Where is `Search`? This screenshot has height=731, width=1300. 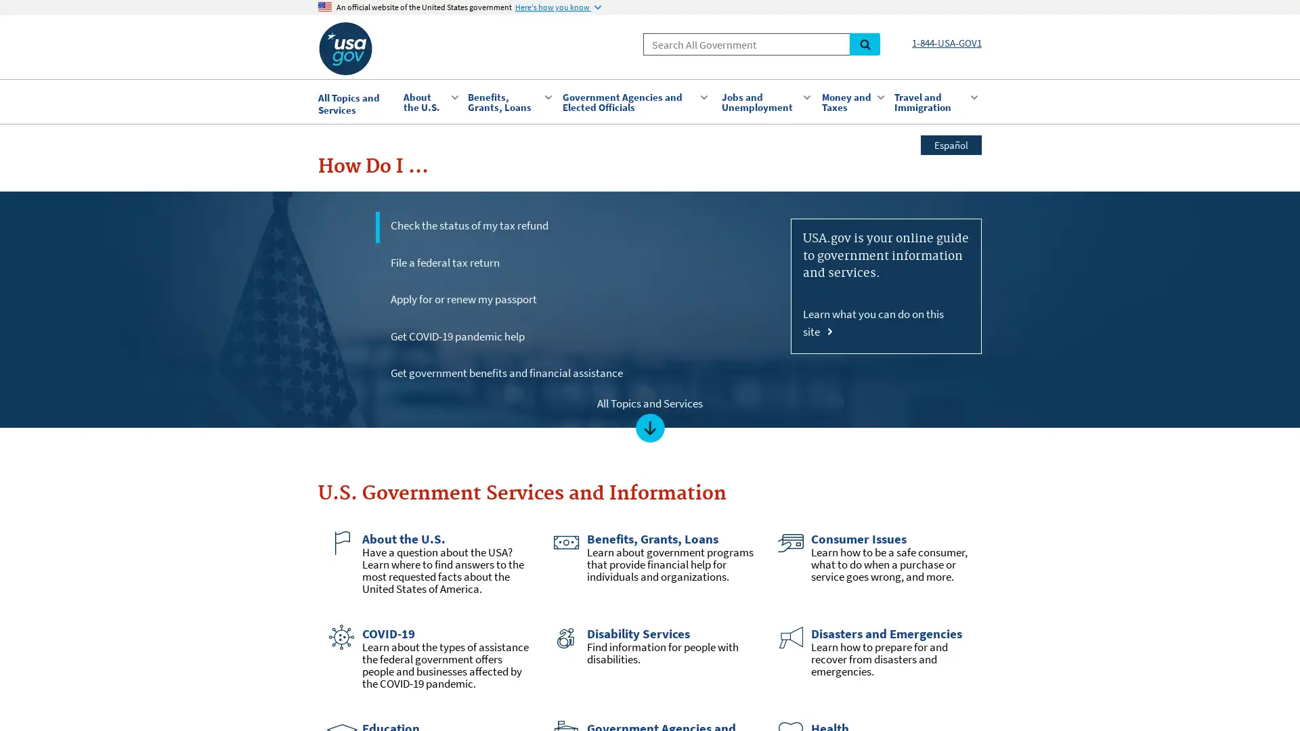 Search is located at coordinates (864, 43).